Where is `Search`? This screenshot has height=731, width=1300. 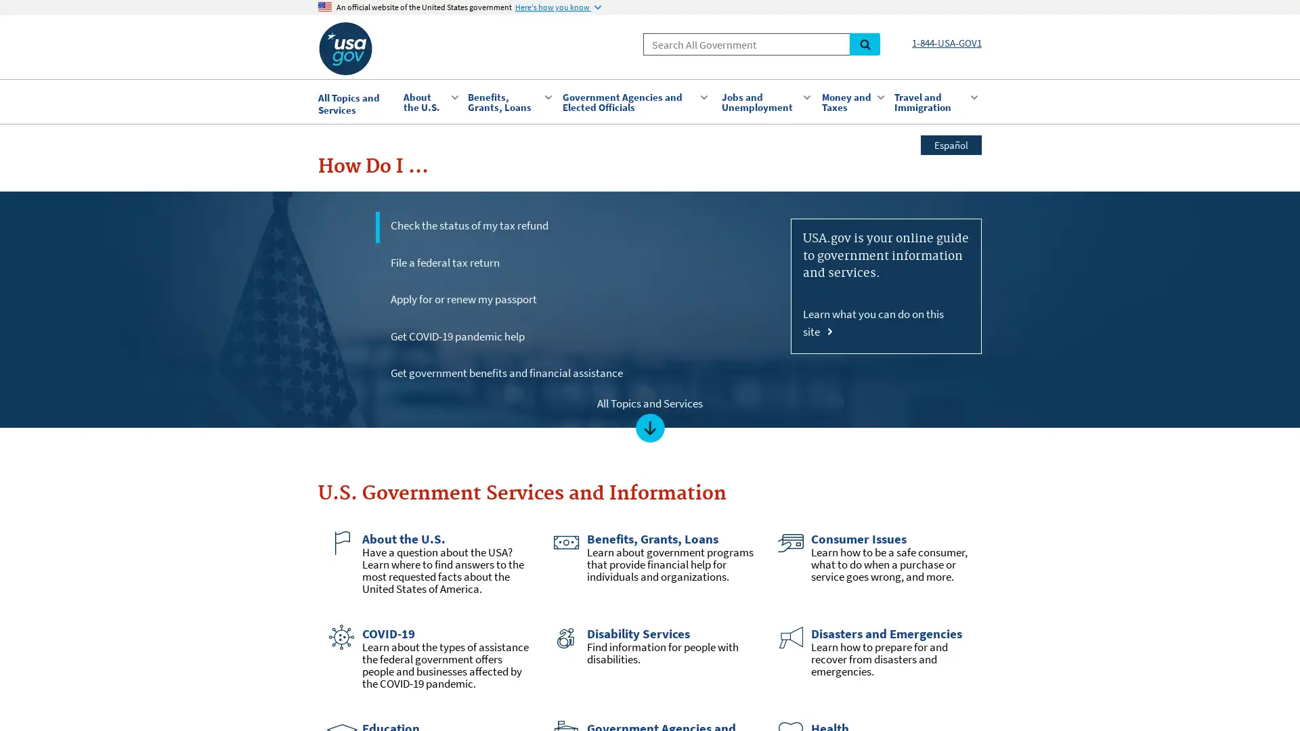 Search is located at coordinates (864, 43).